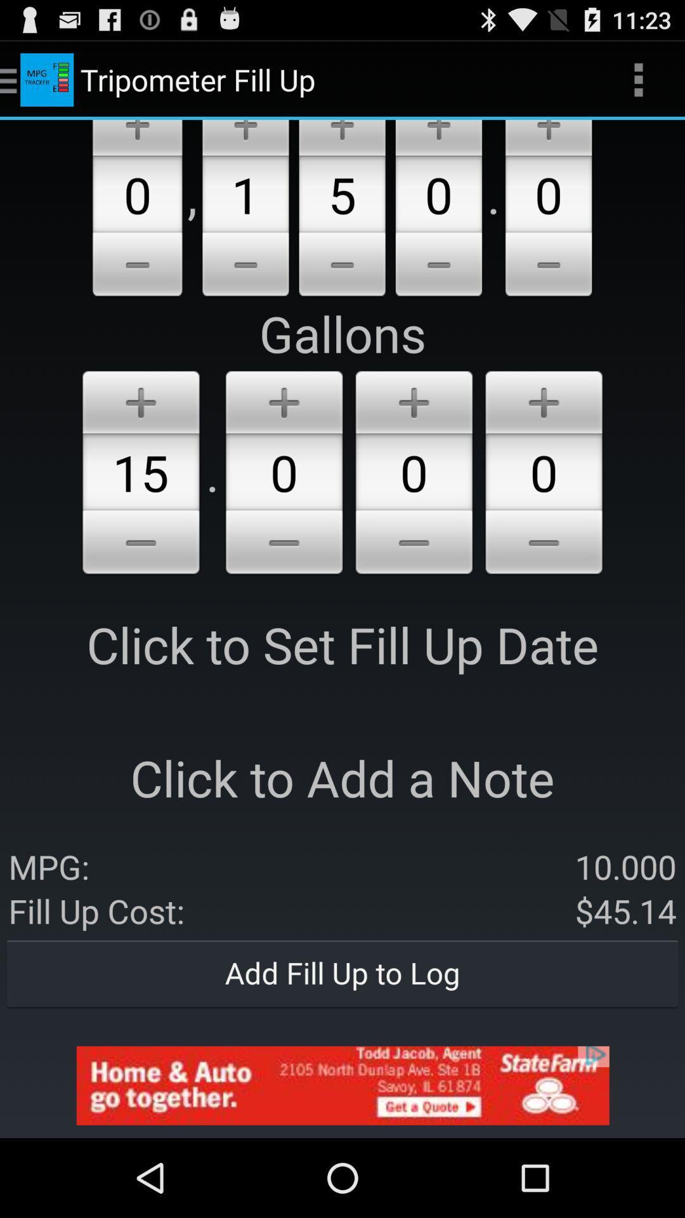  What do you see at coordinates (137, 138) in the screenshot?
I see `increase button` at bounding box center [137, 138].